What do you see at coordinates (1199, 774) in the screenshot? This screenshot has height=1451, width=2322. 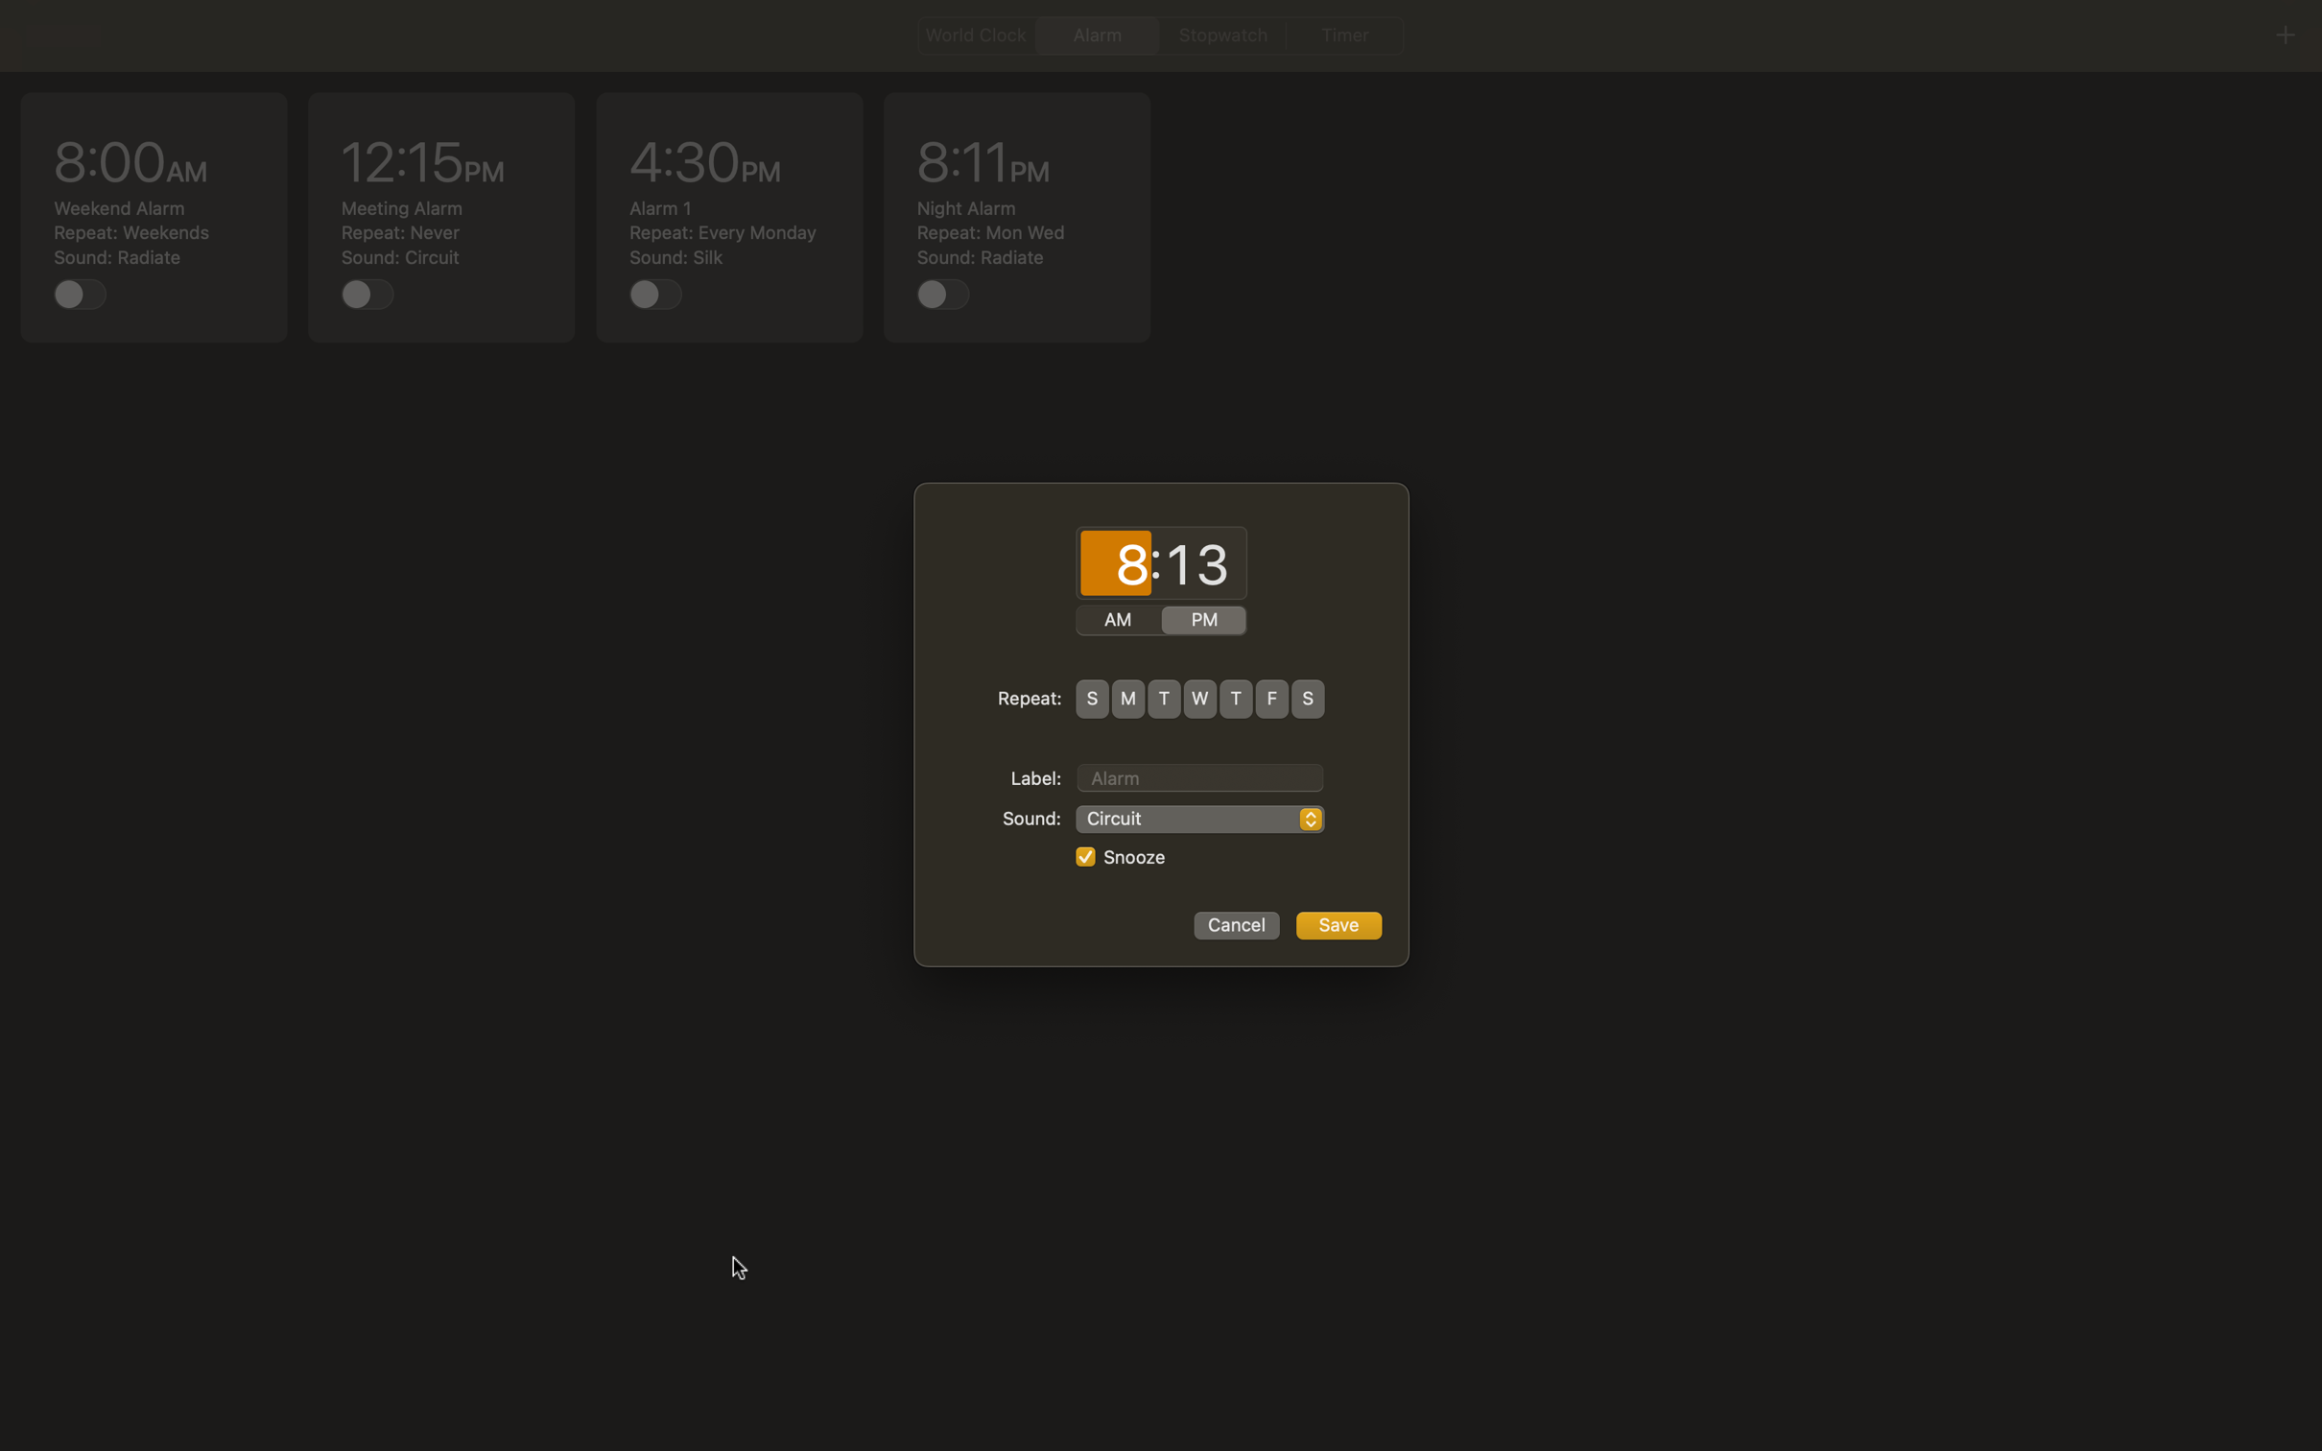 I see `the alarm title to "Morning Jog` at bounding box center [1199, 774].